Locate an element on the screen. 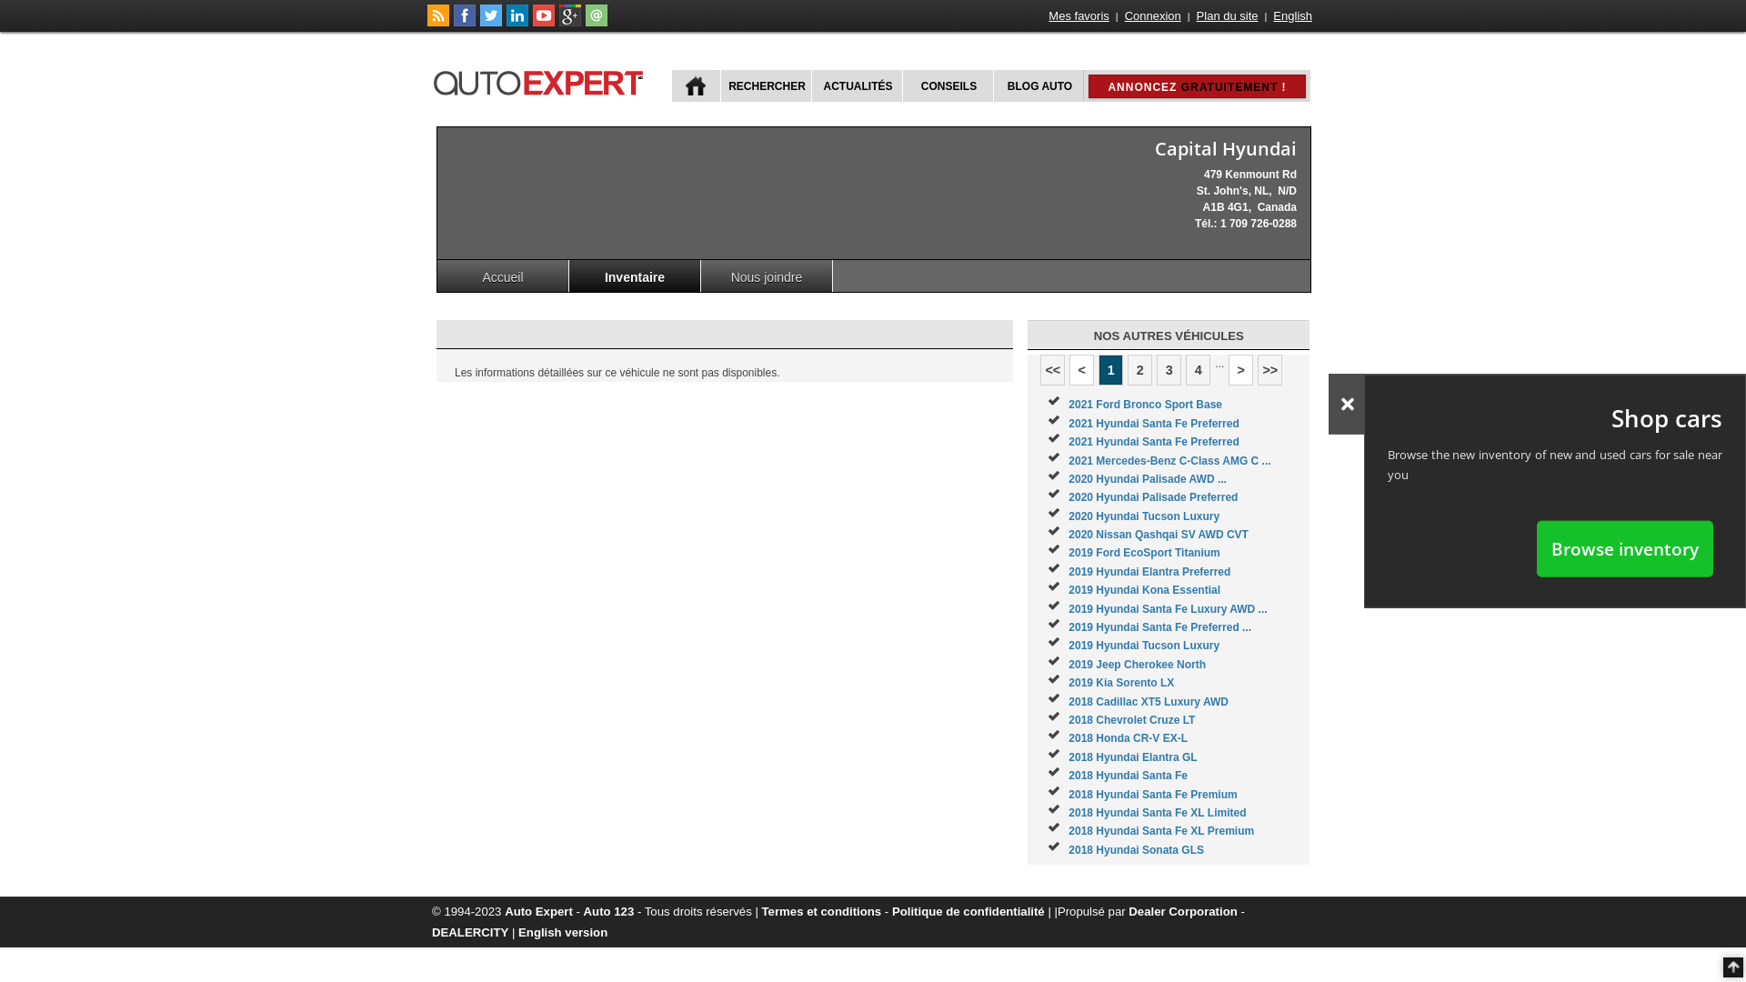 This screenshot has width=1746, height=982. 'Suivez autoExpert.ca sur Facebook' is located at coordinates (464, 22).